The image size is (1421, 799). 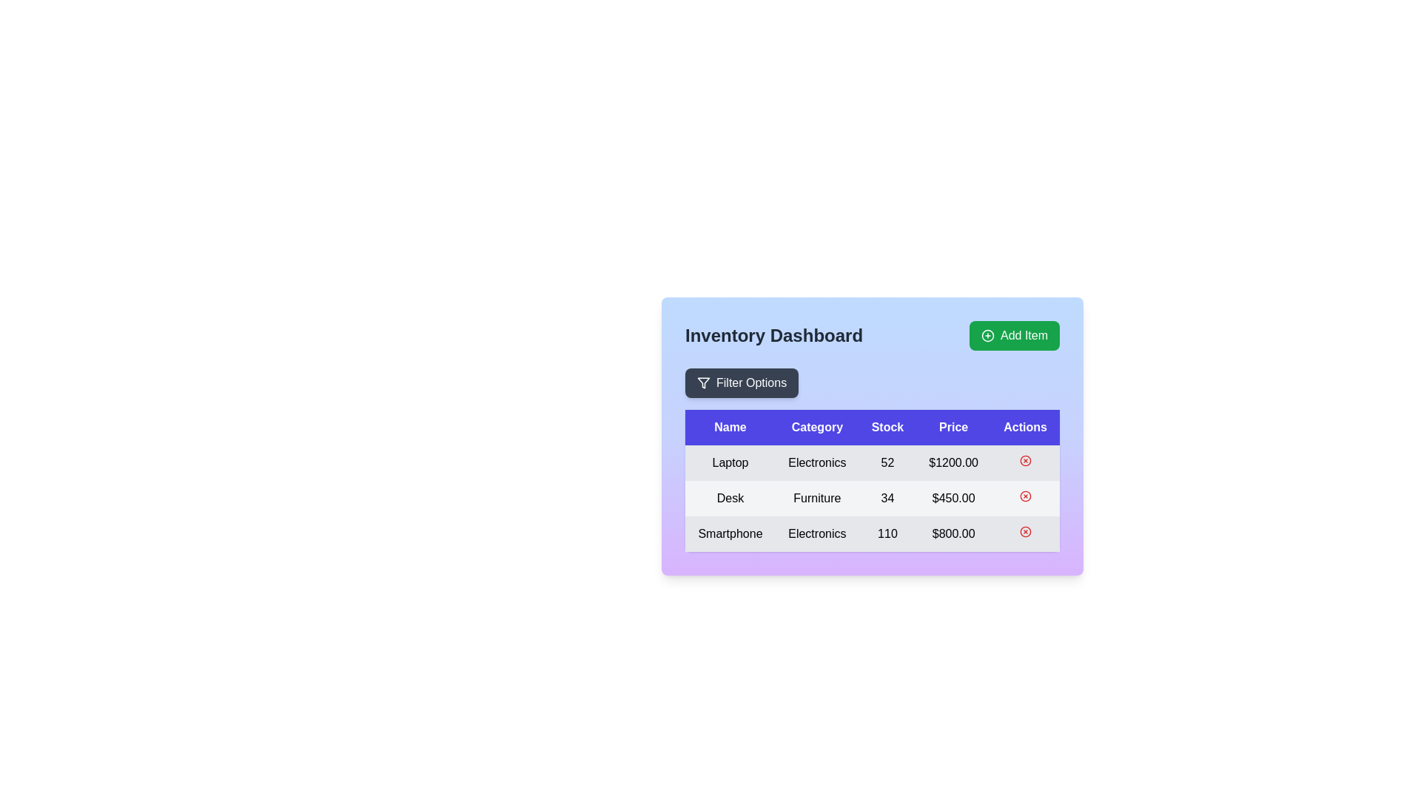 What do you see at coordinates (873, 459) in the screenshot?
I see `the data table located within the 'Inventory Dashboard' card` at bounding box center [873, 459].